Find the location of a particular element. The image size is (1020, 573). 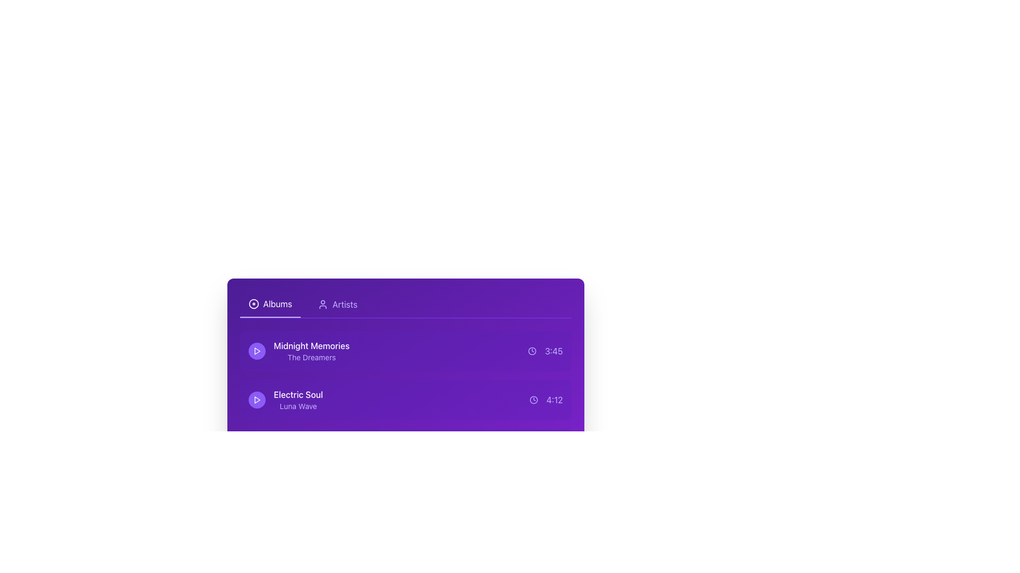

the duration display label showing '4:12' with a clock icon, located on the right side of the second song entry is located at coordinates (546, 400).